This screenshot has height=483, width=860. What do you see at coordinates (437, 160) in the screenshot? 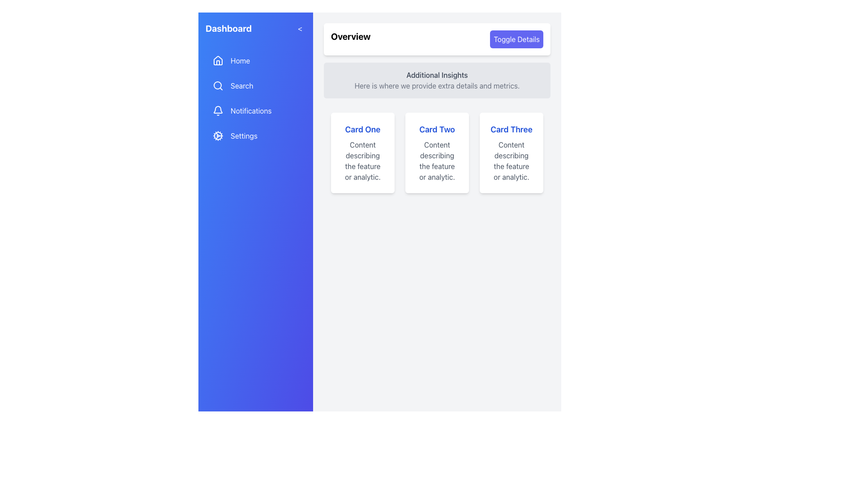
I see `the text block providing descriptive information below the heading 'Card Two' in the second card of a three-card layout` at bounding box center [437, 160].